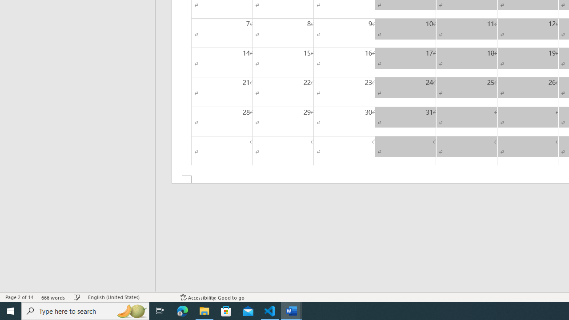  I want to click on 'Spelling and Grammar Check No Errors', so click(77, 297).